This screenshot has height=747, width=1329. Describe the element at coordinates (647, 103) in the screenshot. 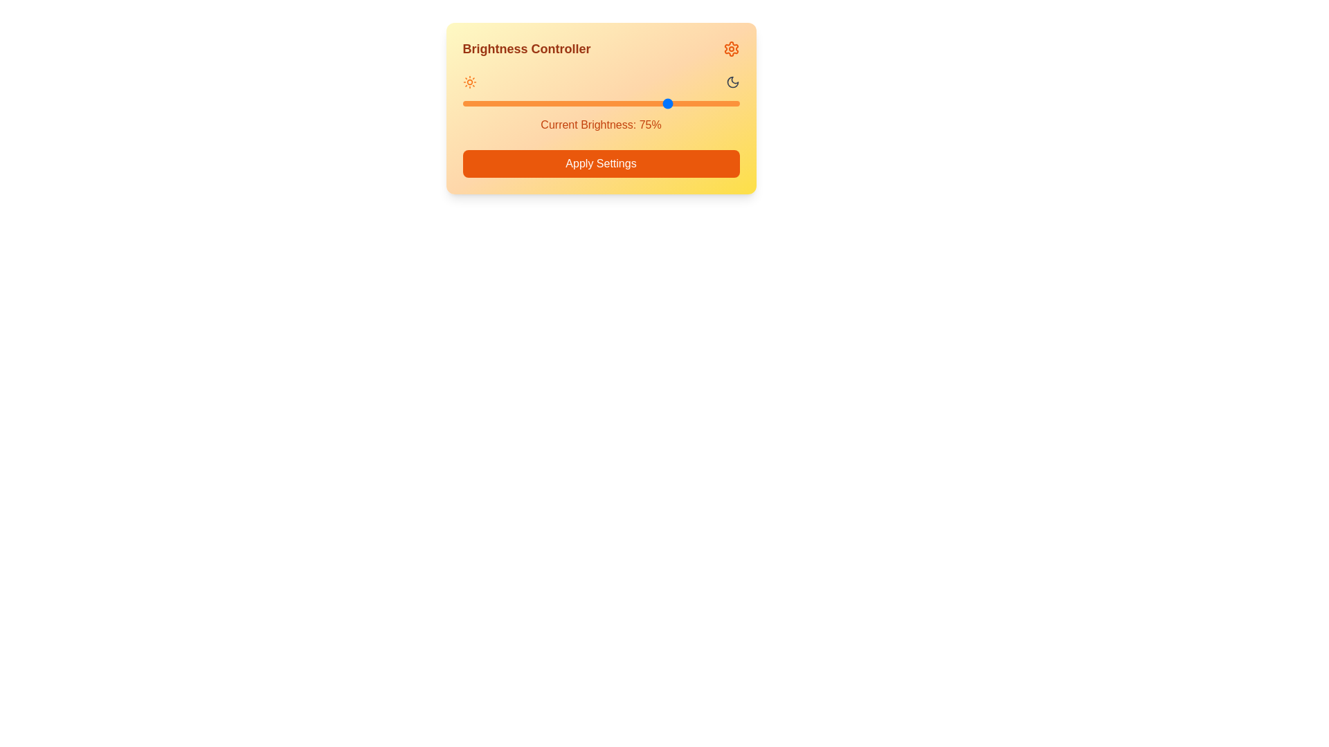

I see `the brightness level to 67% by interacting with the slider` at that location.